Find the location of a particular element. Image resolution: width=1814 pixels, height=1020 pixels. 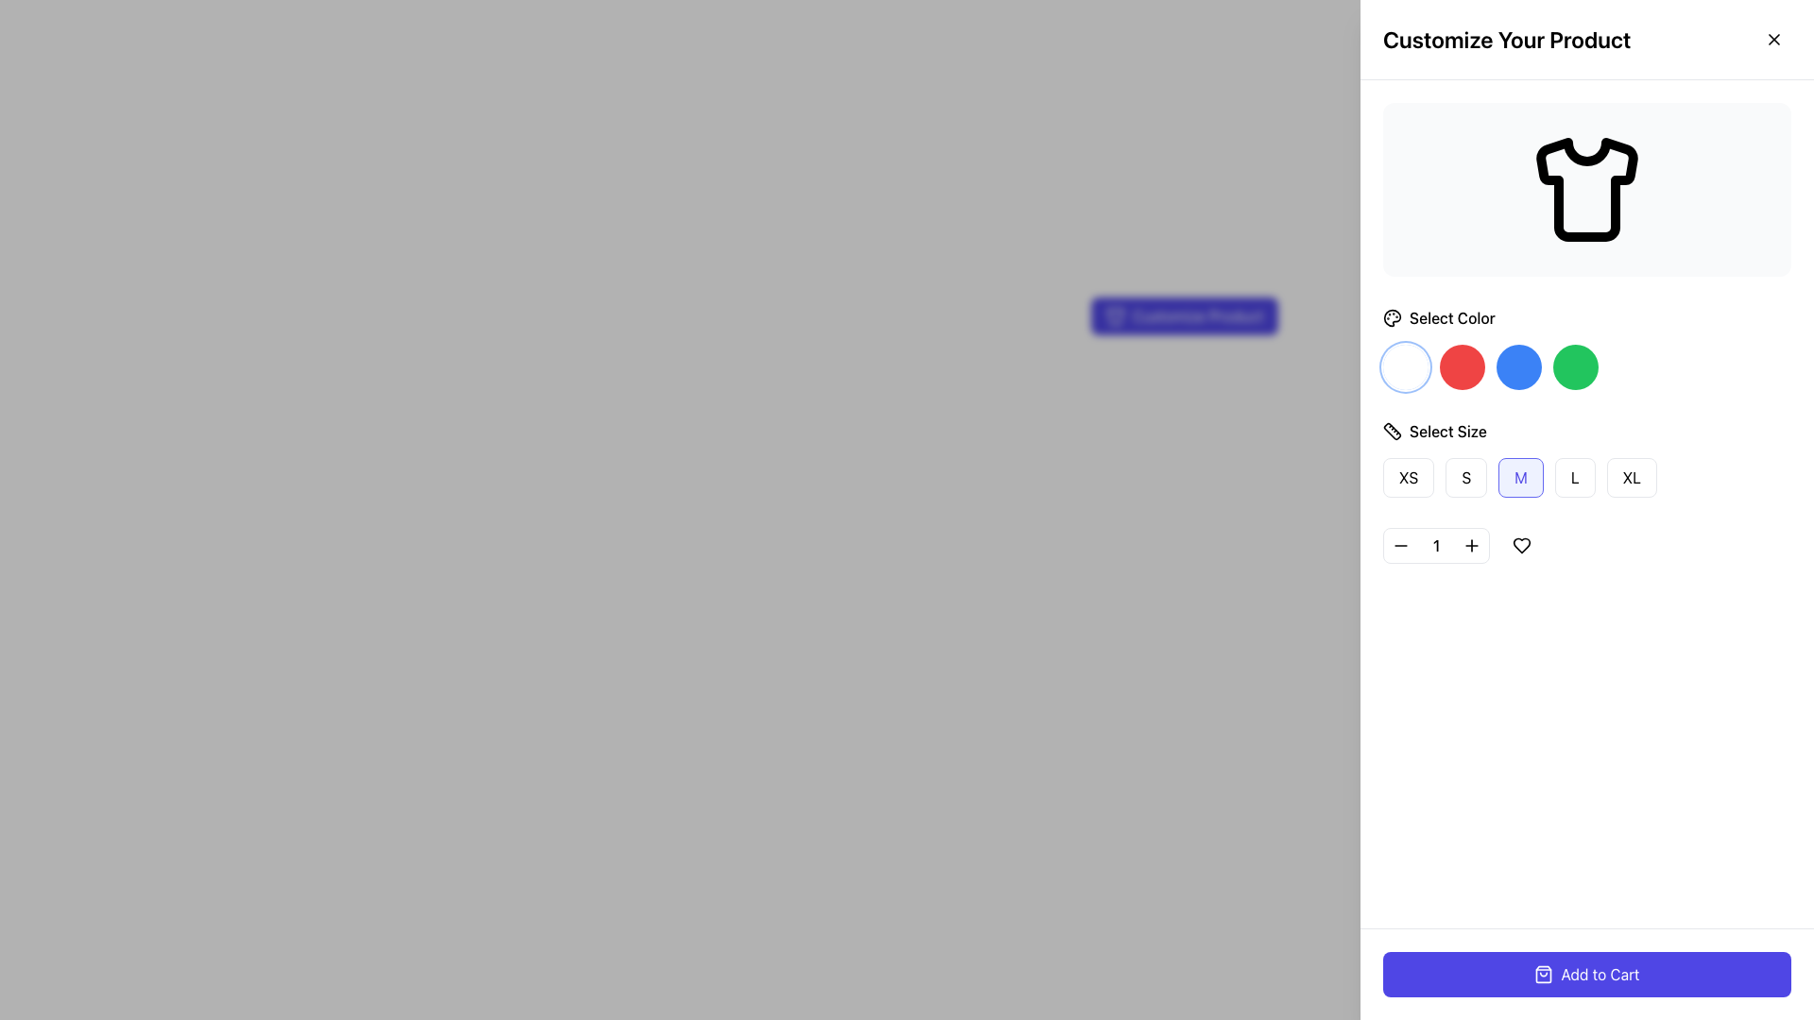

the plus icon button located at the bottom-right of the right-hand side panel to increment a value is located at coordinates (1471, 546).